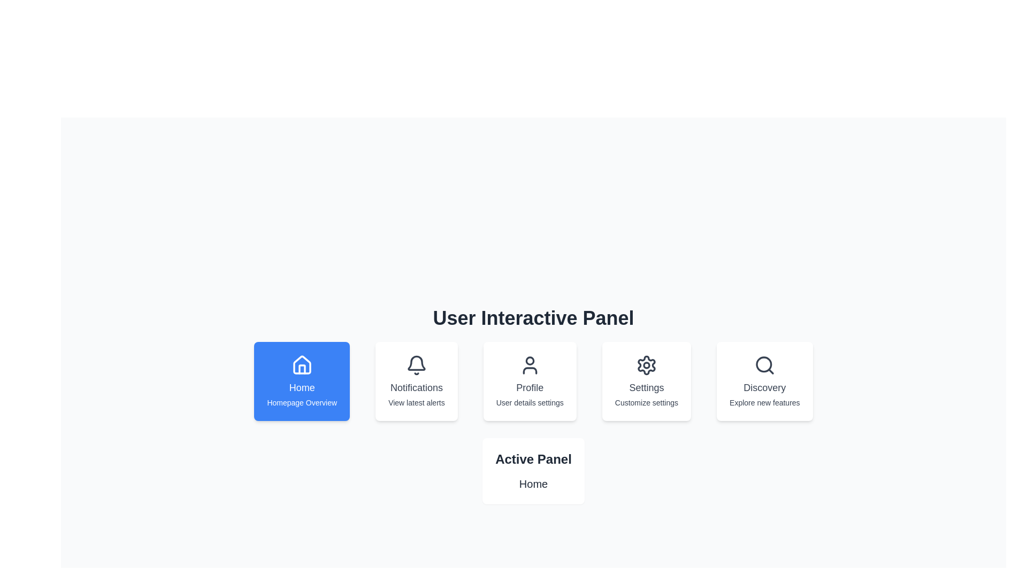 The width and height of the screenshot is (1027, 577). What do you see at coordinates (416, 387) in the screenshot?
I see `the 'Notifications' static text label, which is styled in a larger, bold font and is positioned below a bell-shaped icon within a notification card` at bounding box center [416, 387].